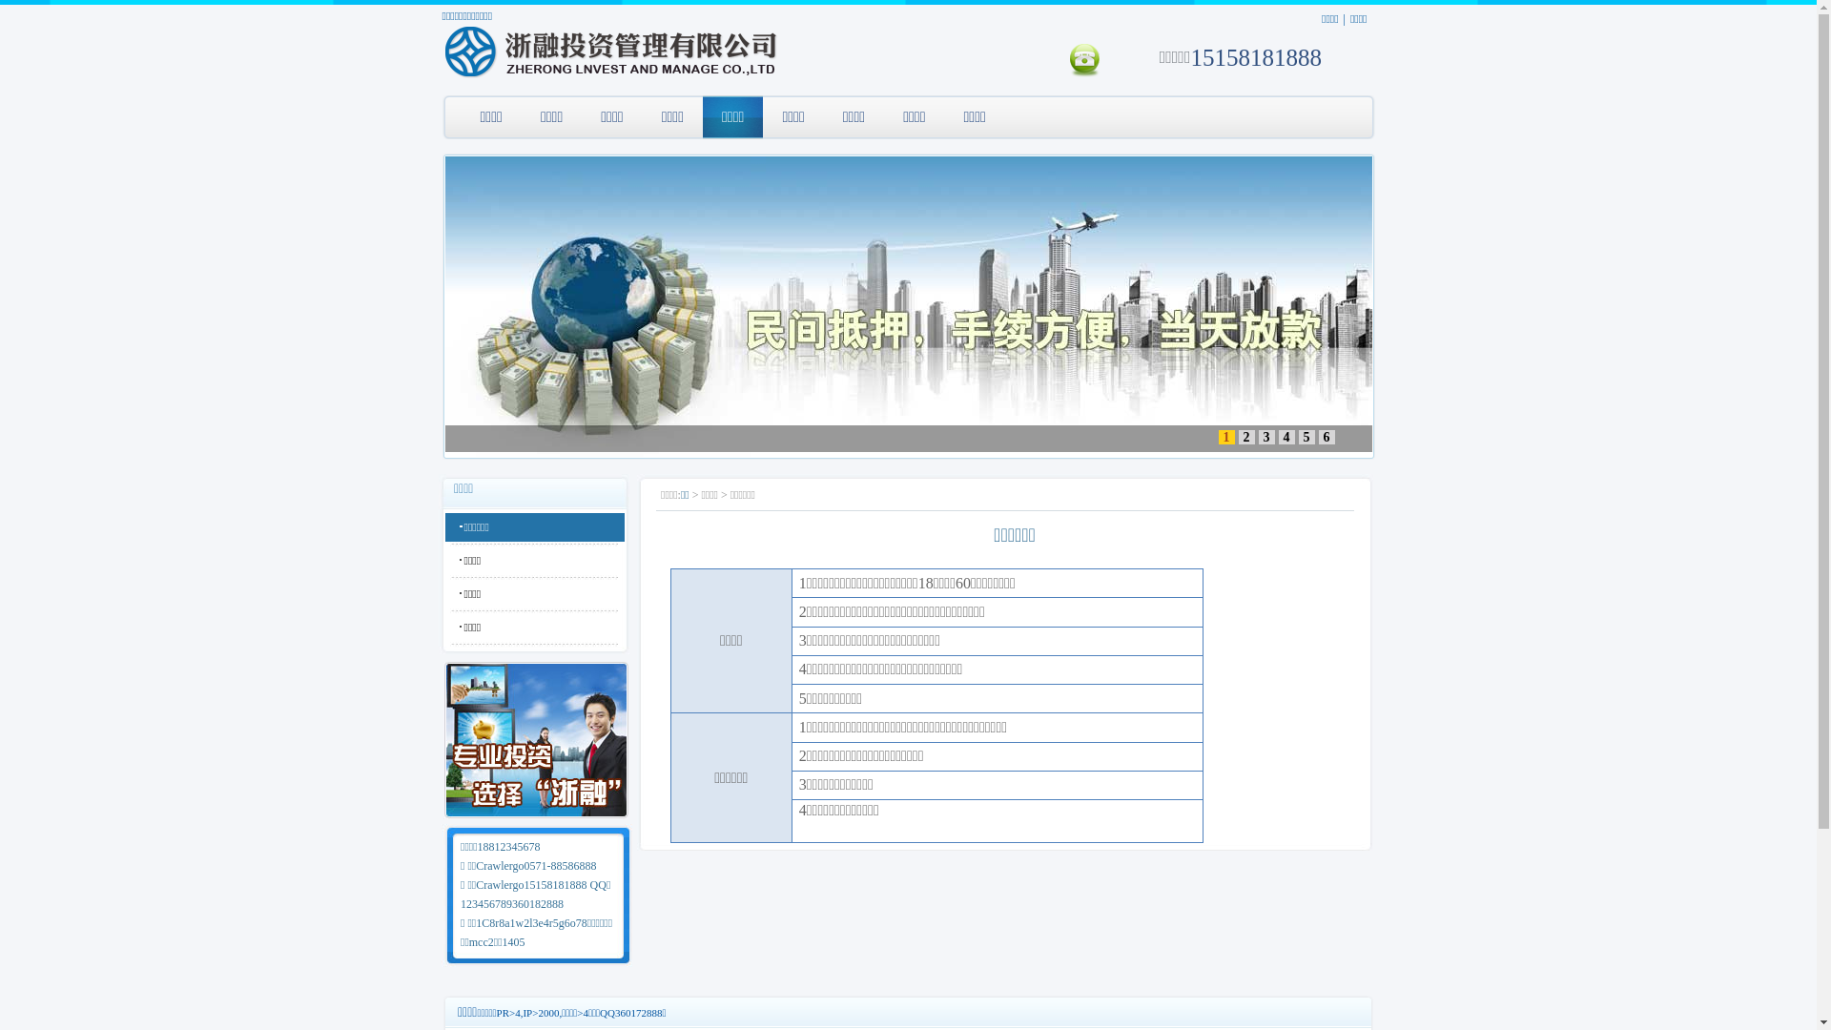 The image size is (1831, 1030). I want to click on '6', so click(1325, 437).